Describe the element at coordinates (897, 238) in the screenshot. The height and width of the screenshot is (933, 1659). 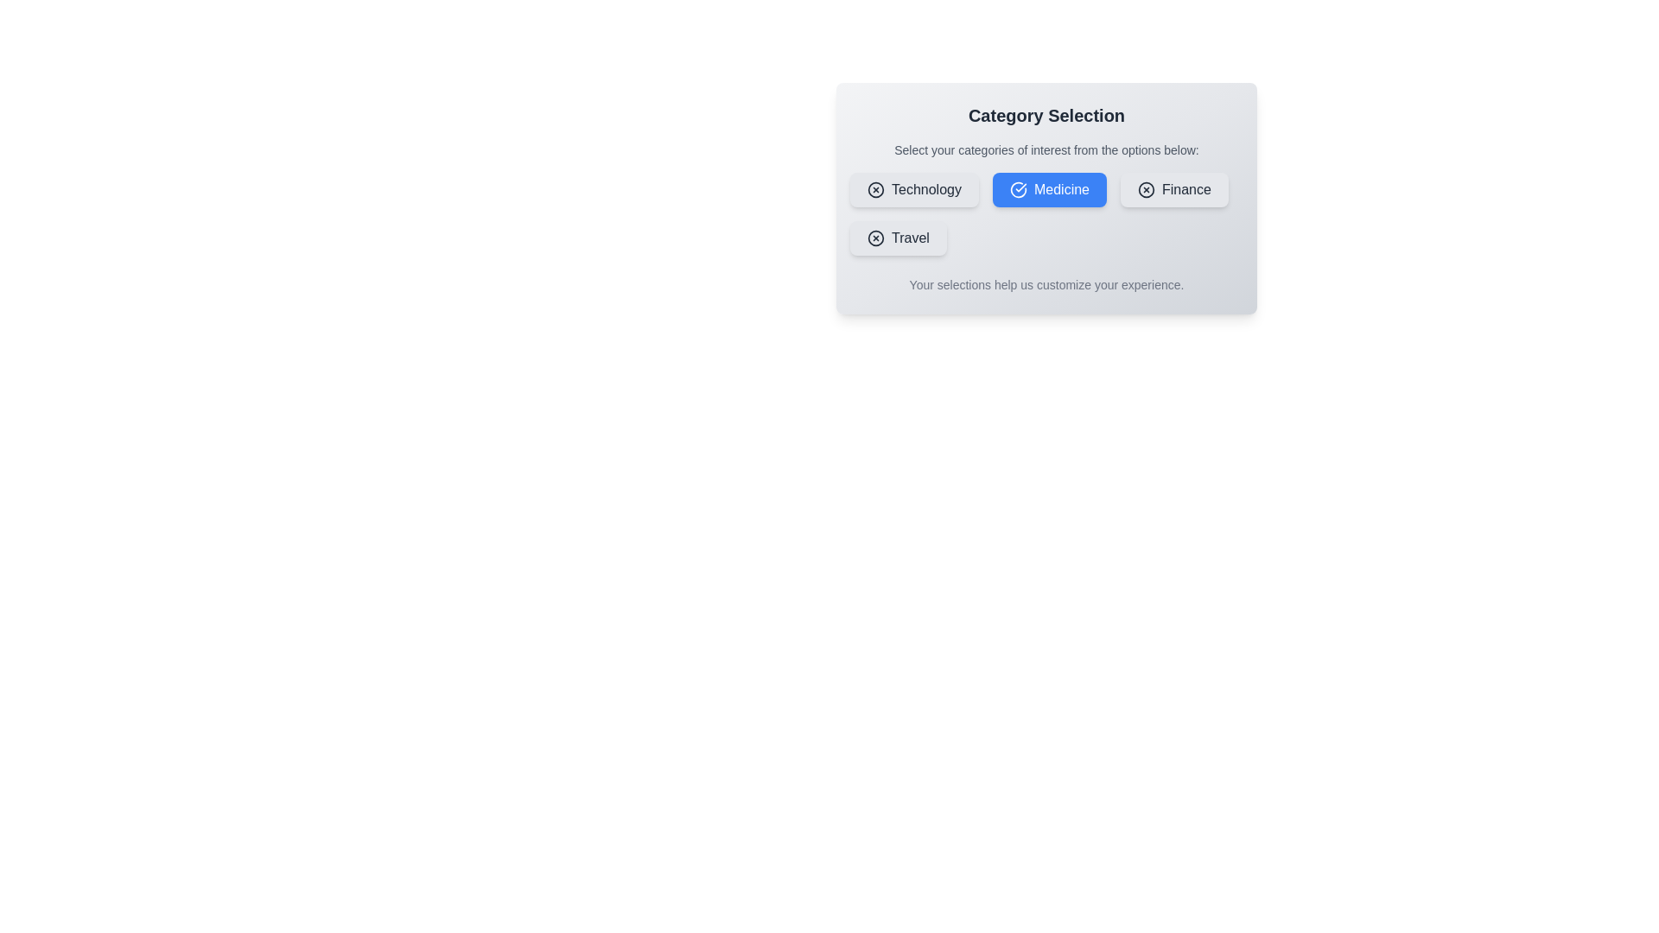
I see `the Travel button` at that location.